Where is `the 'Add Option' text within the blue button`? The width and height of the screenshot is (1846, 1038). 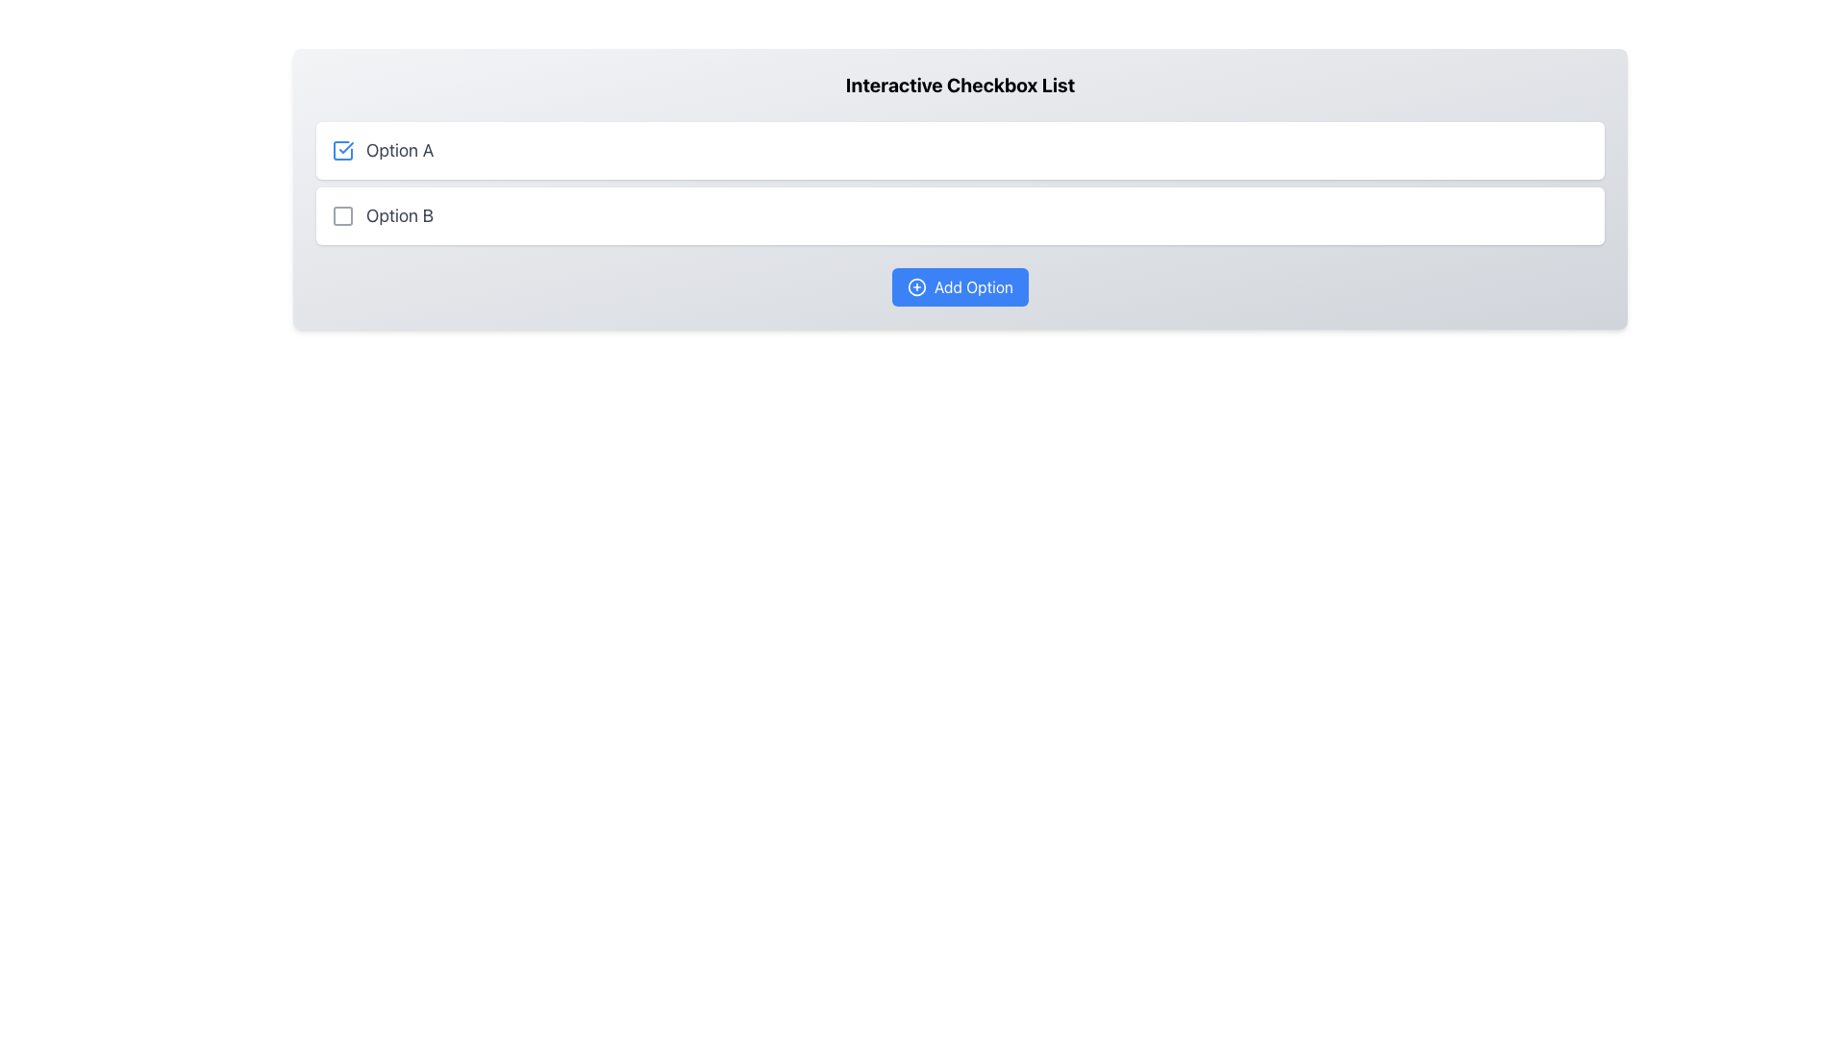
the 'Add Option' text within the blue button is located at coordinates (973, 287).